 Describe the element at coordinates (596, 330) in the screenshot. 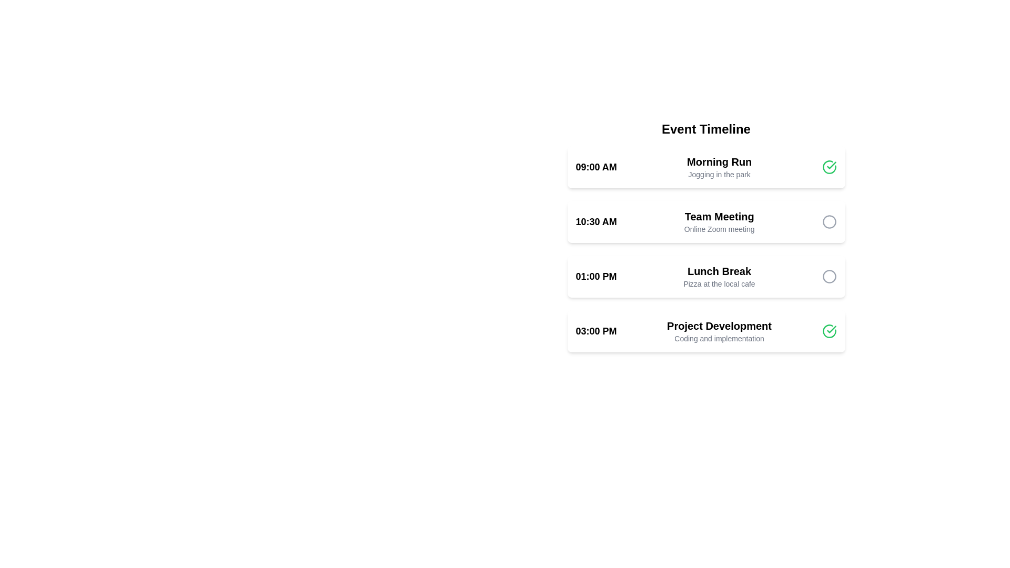

I see `the text label displaying '03:00 PM', which indicates the time for the 'Project Development' task, positioned to the left of other task details` at that location.